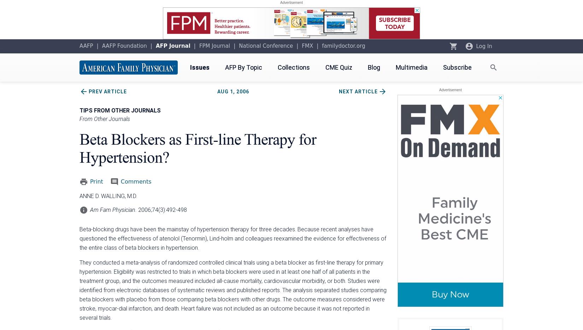 This screenshot has width=583, height=330. Describe the element at coordinates (79, 308) in the screenshot. I see `'October 29, 2005;366:1545-53.'` at that location.